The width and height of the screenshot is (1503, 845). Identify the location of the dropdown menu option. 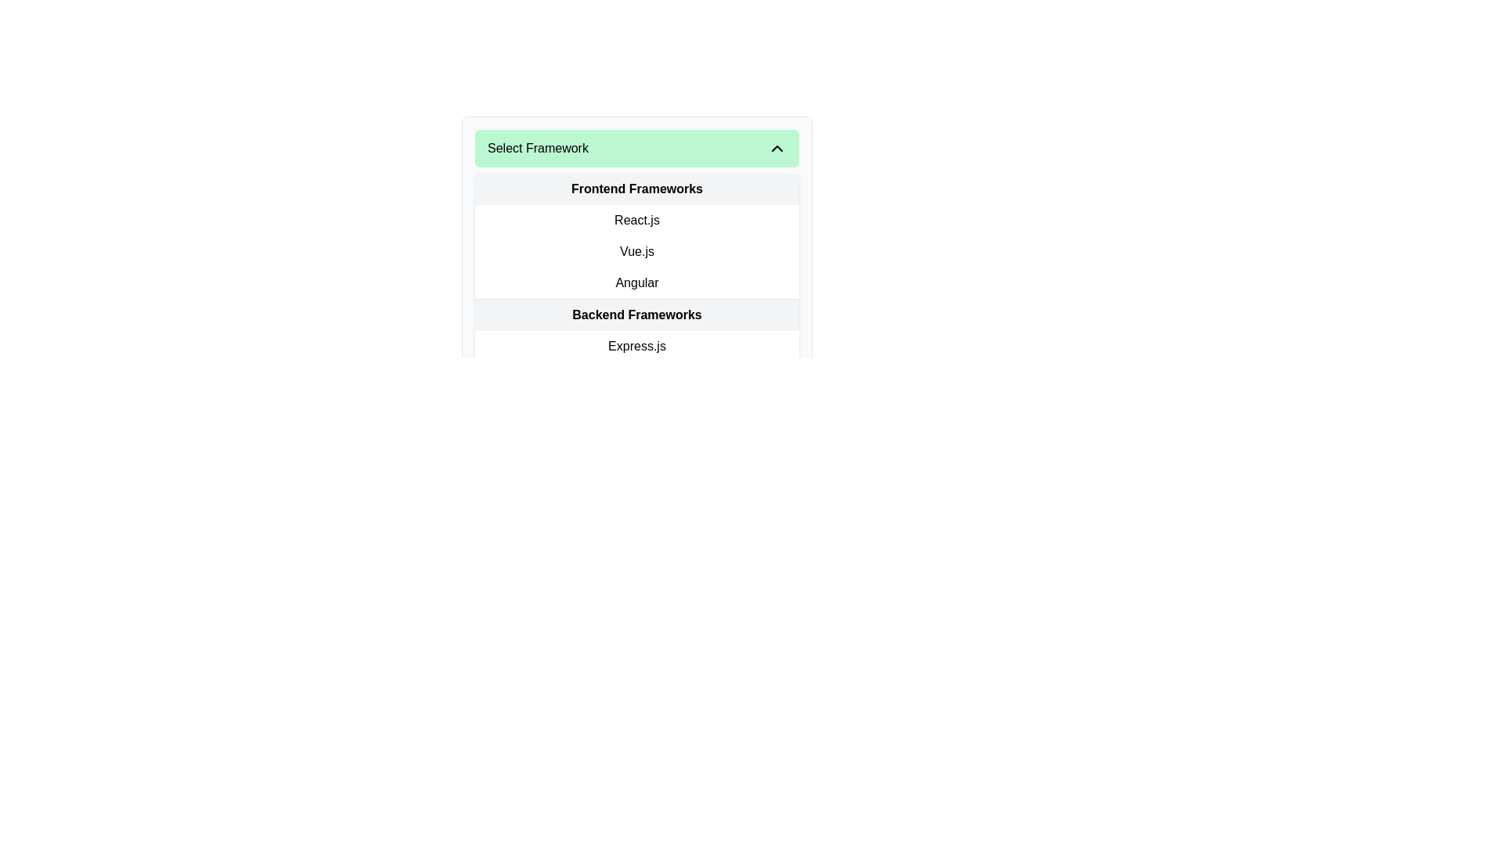
(637, 276).